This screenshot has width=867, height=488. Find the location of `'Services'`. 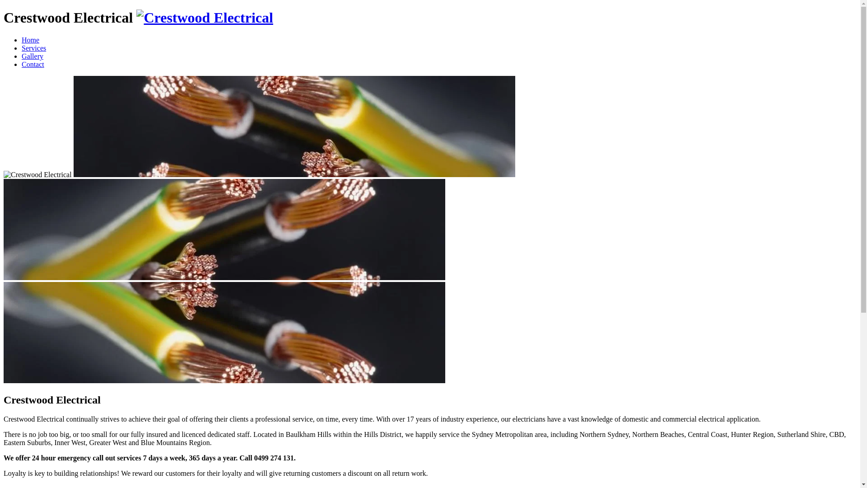

'Services' is located at coordinates (34, 48).